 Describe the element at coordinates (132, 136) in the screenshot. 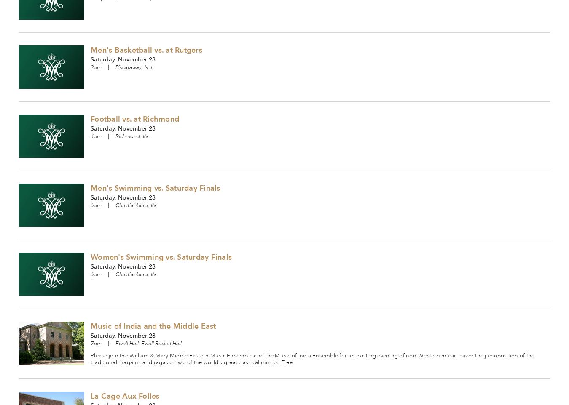

I see `'Richmond, Va.'` at that location.